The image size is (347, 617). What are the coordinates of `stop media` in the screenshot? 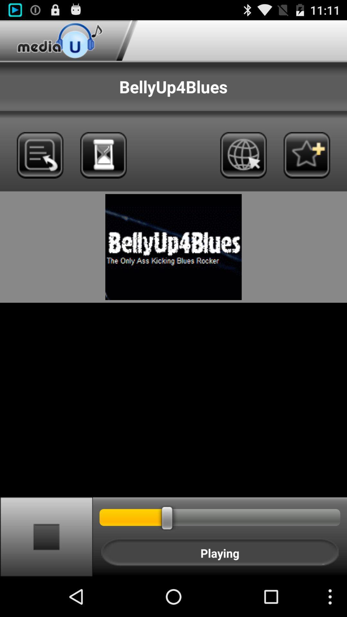 It's located at (46, 536).